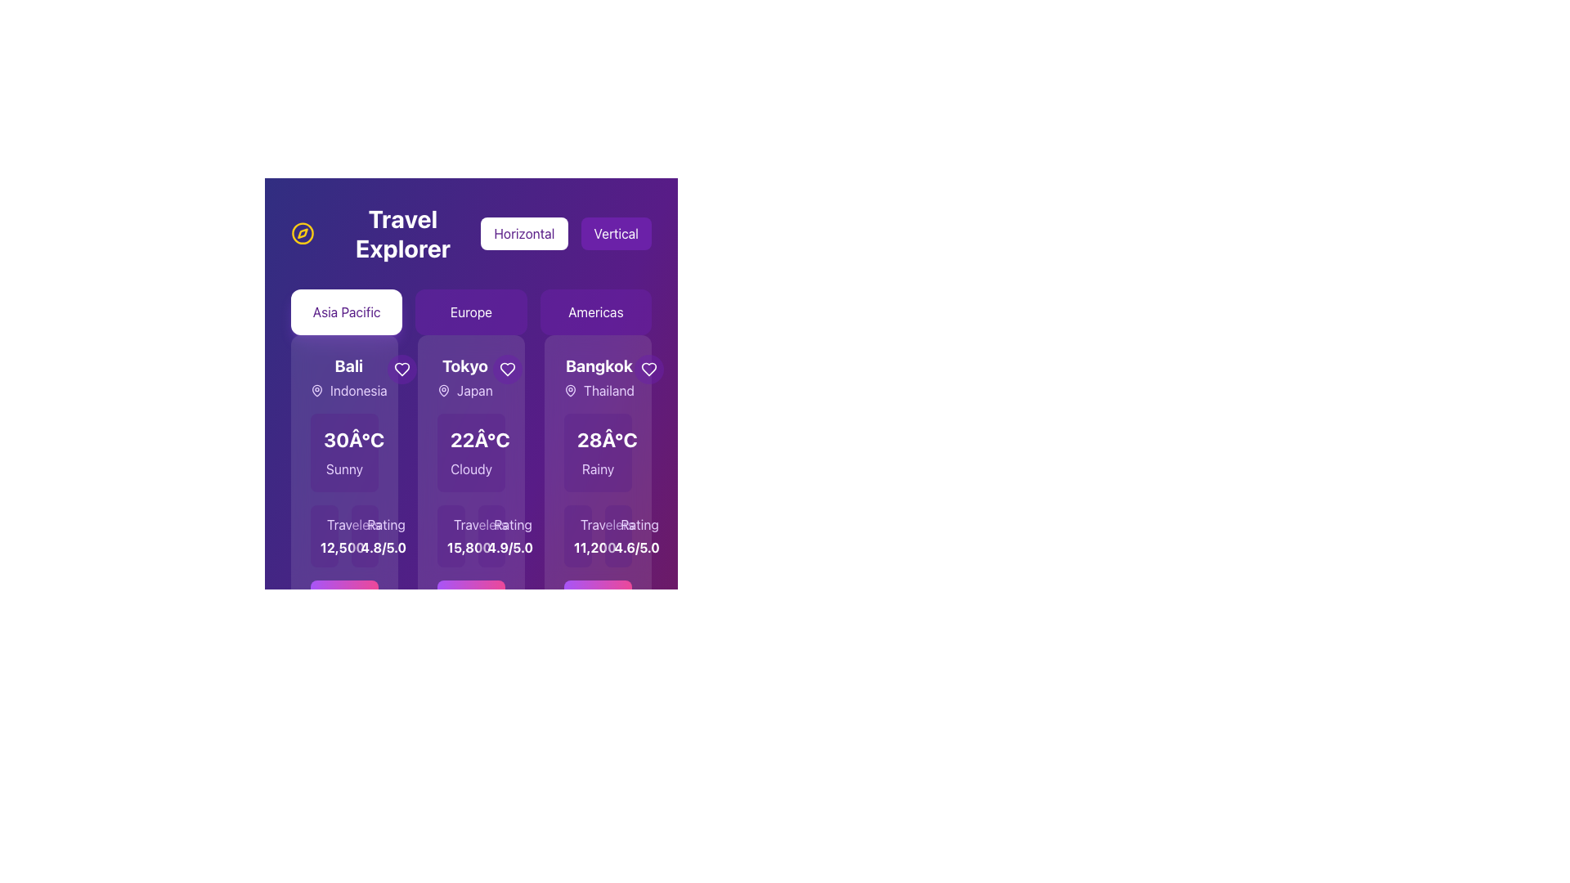 The width and height of the screenshot is (1570, 883). Describe the element at coordinates (598, 378) in the screenshot. I see `the text display element that shows the location 'Bangkok, Thailand', which is centrally aligned at the top of the card` at that location.